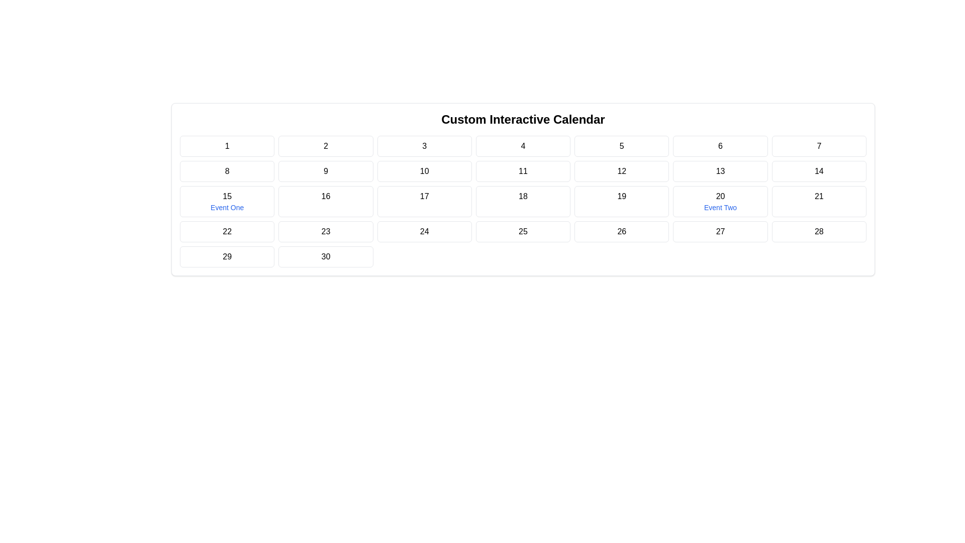 This screenshot has height=543, width=965. Describe the element at coordinates (621, 170) in the screenshot. I see `the button-like interactive element containing the text '12', which is located in the second row and sixth column of the grid layout` at that location.